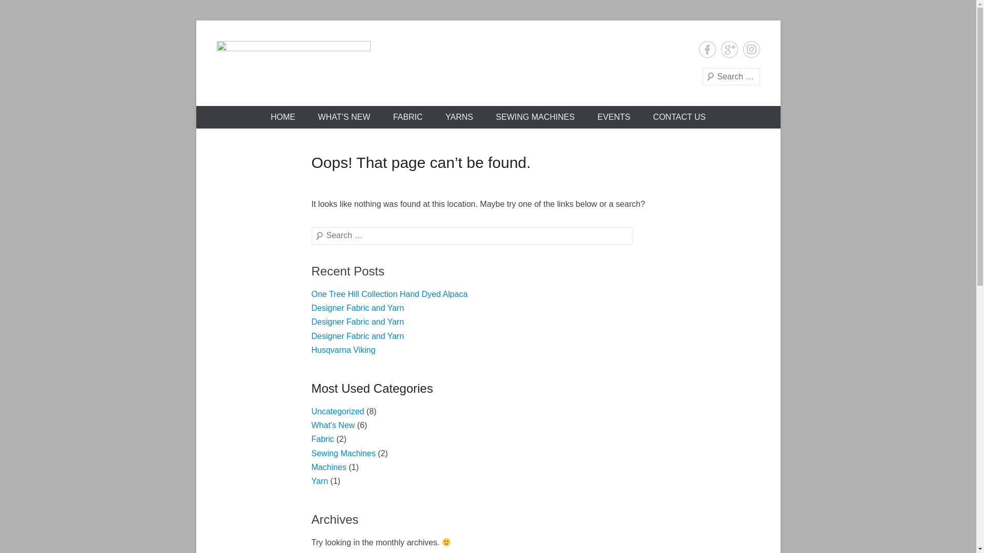  Describe the element at coordinates (338, 411) in the screenshot. I see `'Uncategorized'` at that location.